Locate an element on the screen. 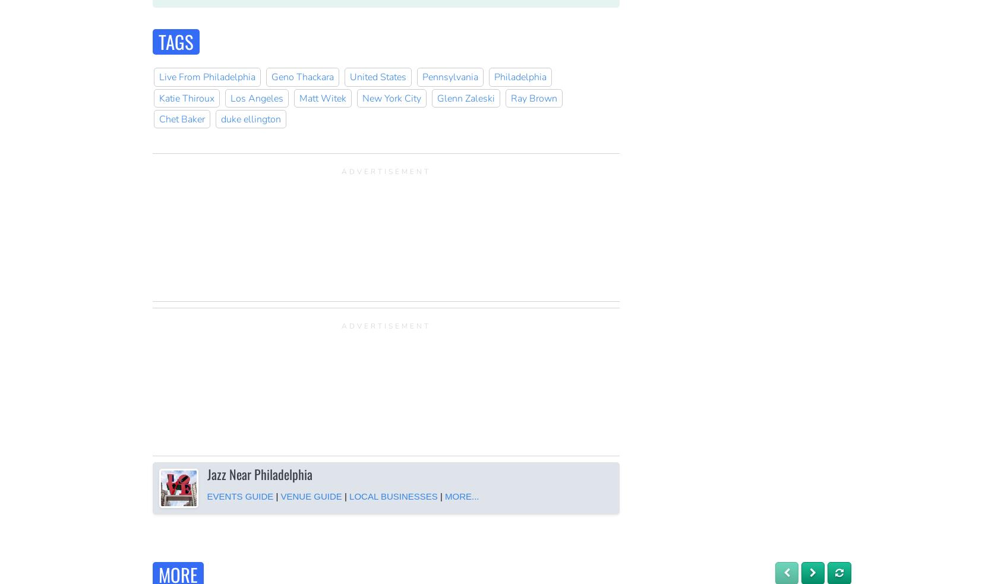  'United States' is located at coordinates (377, 76).